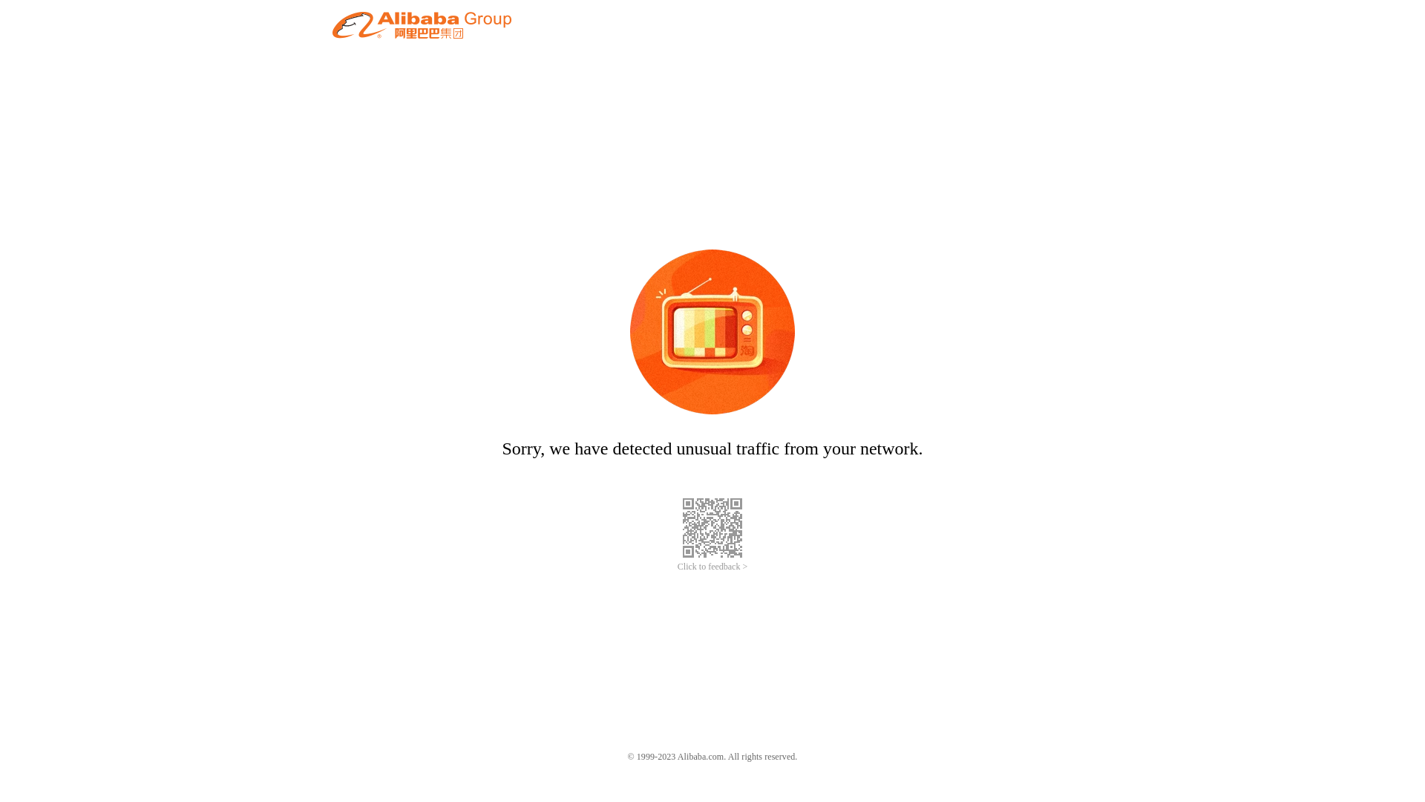 Image resolution: width=1425 pixels, height=802 pixels. What do you see at coordinates (712, 567) in the screenshot?
I see `'Click to feedback >'` at bounding box center [712, 567].